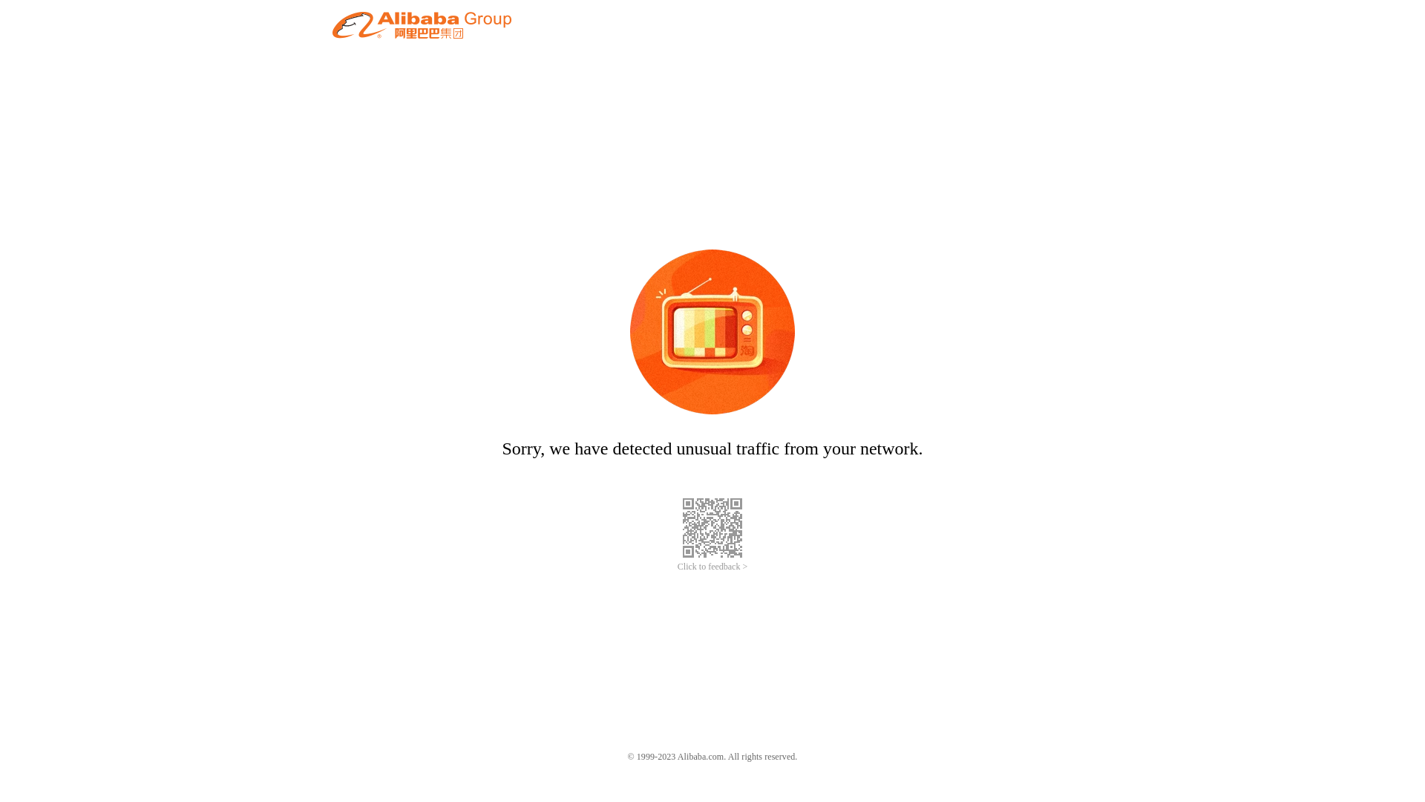 Image resolution: width=1425 pixels, height=802 pixels. What do you see at coordinates (712, 567) in the screenshot?
I see `'Click to feedback >'` at bounding box center [712, 567].